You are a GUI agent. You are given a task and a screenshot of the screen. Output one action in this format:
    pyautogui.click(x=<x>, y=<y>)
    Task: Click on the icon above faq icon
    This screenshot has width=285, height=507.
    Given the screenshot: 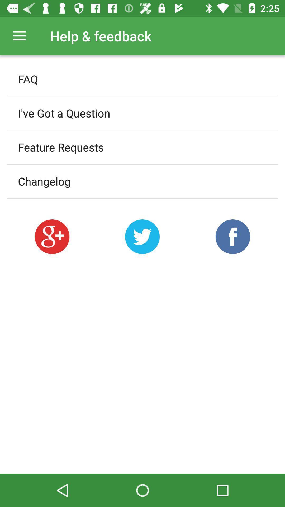 What is the action you would take?
    pyautogui.click(x=19, y=36)
    